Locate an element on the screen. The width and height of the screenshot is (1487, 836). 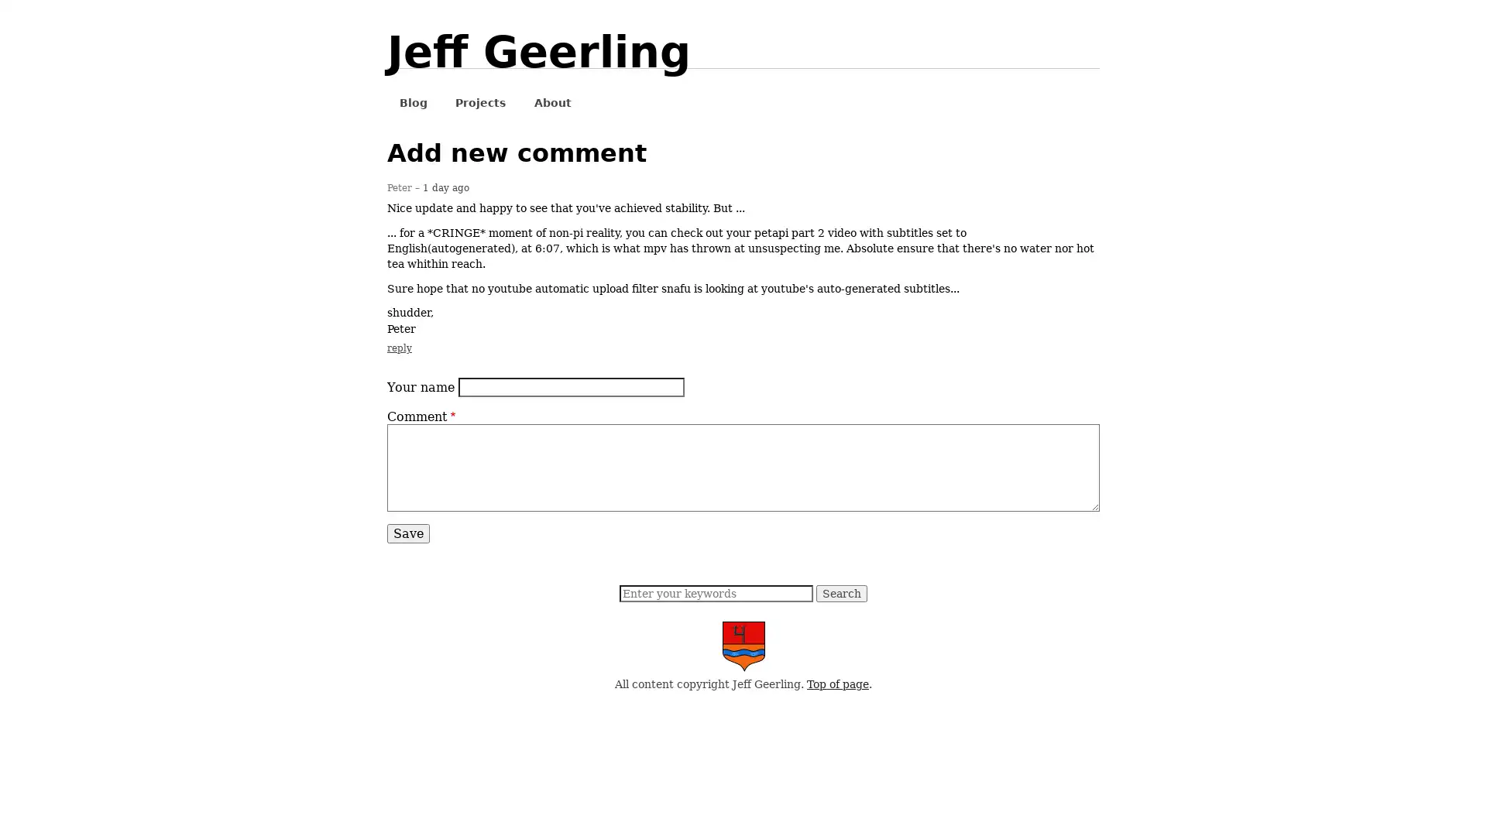
Save is located at coordinates (408, 532).